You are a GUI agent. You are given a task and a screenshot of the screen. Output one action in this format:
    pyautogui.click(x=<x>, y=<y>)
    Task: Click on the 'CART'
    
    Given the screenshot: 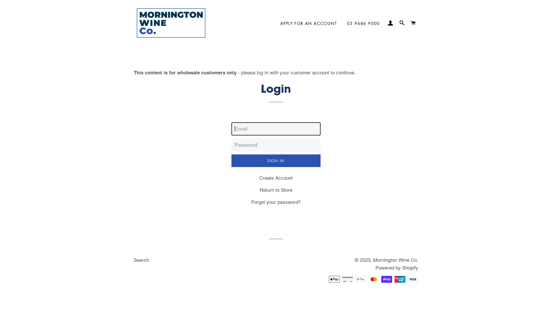 What is the action you would take?
    pyautogui.click(x=413, y=23)
    